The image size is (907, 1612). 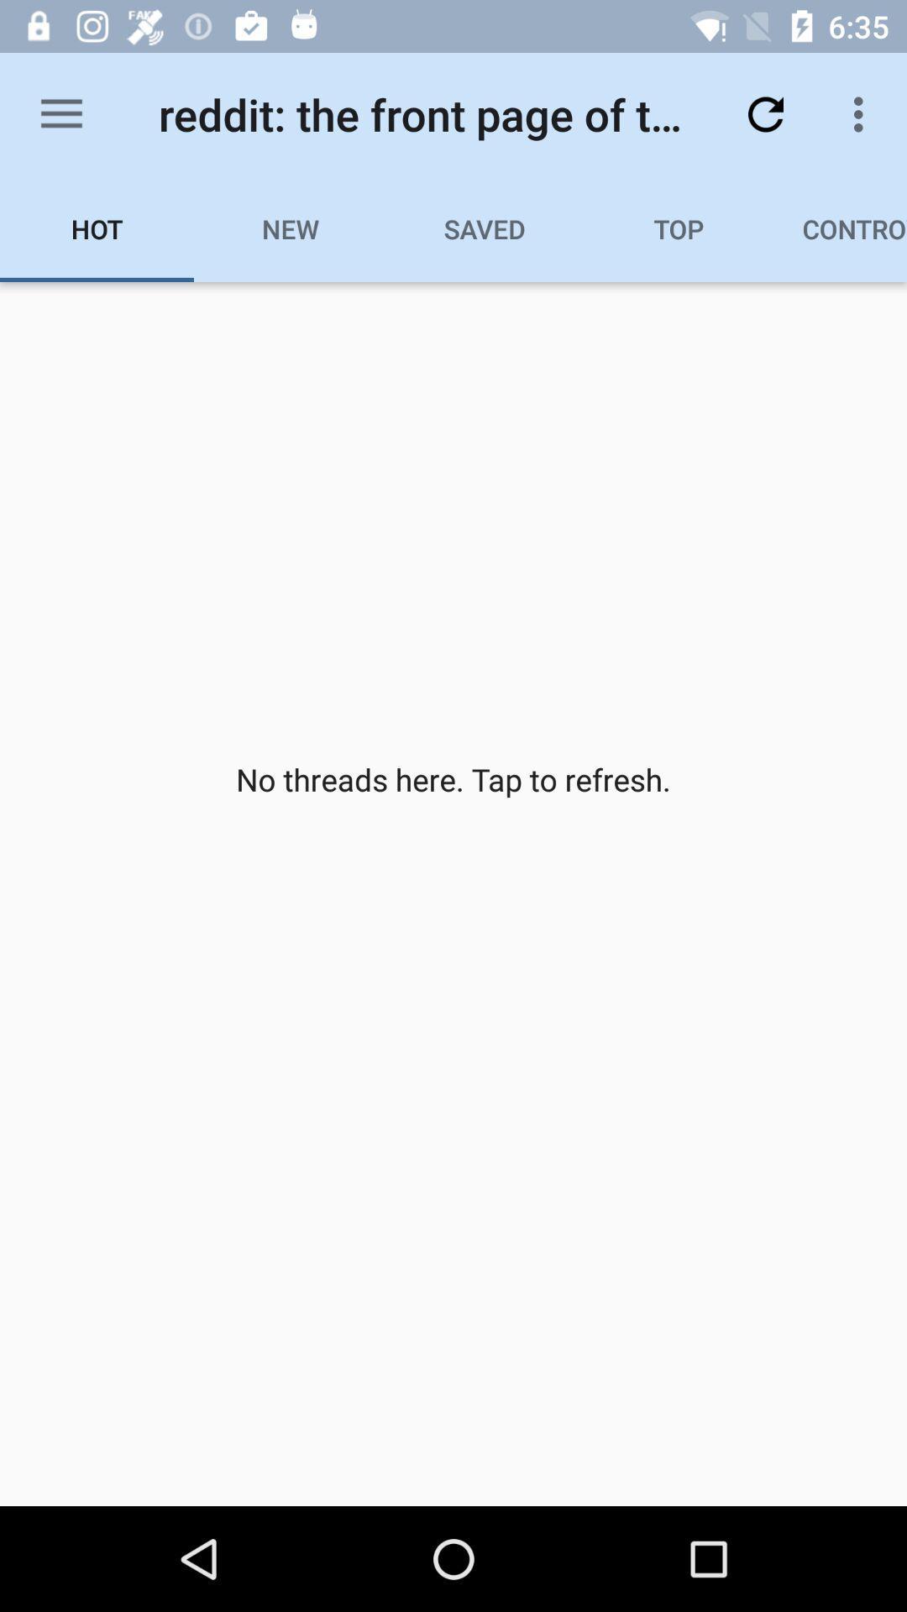 I want to click on the icon to the left of reddit the front item, so click(x=60, y=113).